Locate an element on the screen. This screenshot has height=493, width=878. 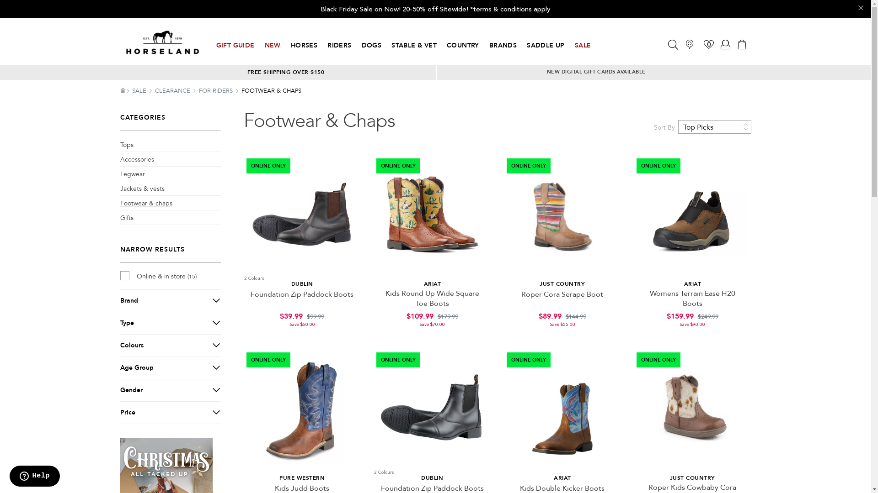
'$89.99 $144.99 is located at coordinates (562, 318).